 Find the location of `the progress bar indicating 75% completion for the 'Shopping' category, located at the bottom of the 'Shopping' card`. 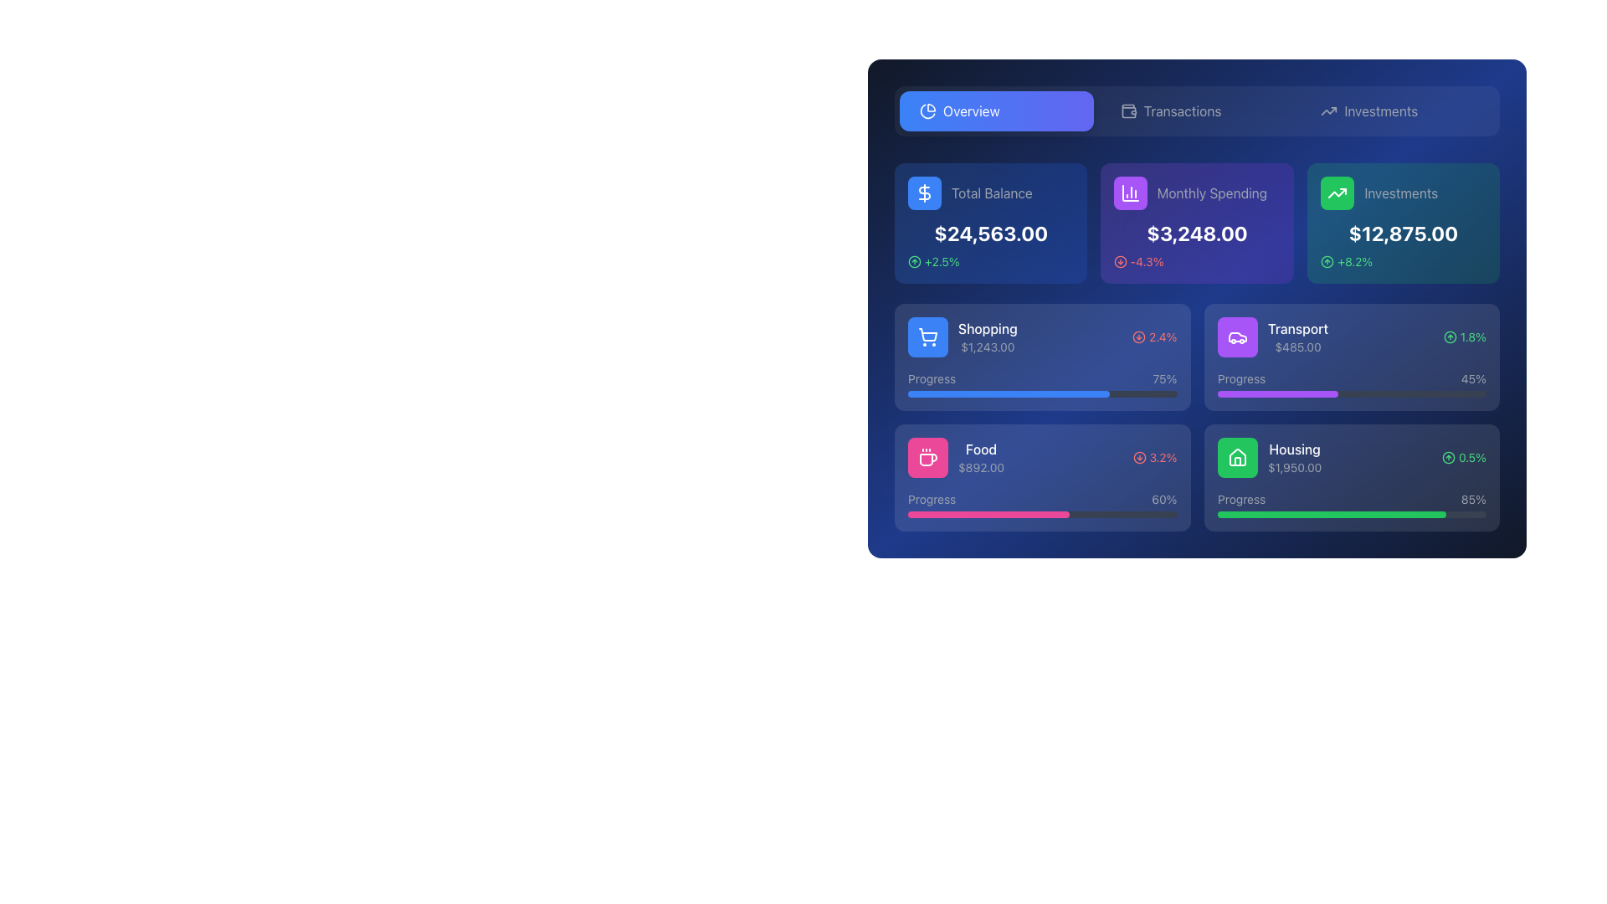

the progress bar indicating 75% completion for the 'Shopping' category, located at the bottom of the 'Shopping' card is located at coordinates (1041, 384).